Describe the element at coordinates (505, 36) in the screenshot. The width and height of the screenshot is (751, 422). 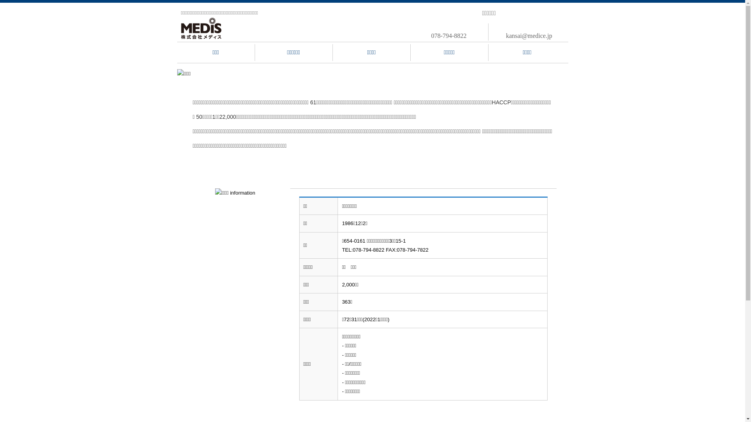
I see `'kansai@medice.jp'` at that location.